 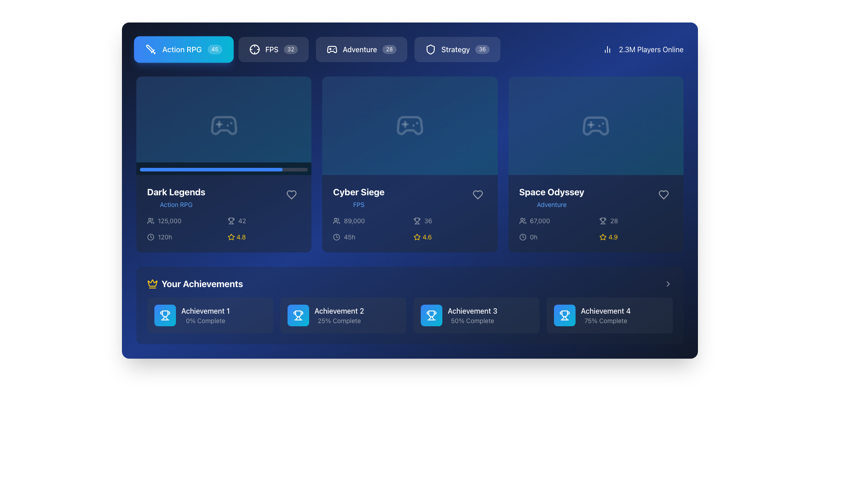 I want to click on number of users or community members displayed in the statistics section of the 'Space Odyssey' card located near the bottom-left area, so click(x=555, y=220).